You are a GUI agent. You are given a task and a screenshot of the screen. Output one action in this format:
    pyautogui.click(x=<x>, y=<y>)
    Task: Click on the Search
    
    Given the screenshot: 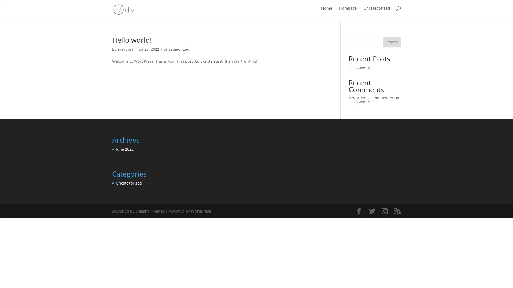 What is the action you would take?
    pyautogui.click(x=391, y=41)
    